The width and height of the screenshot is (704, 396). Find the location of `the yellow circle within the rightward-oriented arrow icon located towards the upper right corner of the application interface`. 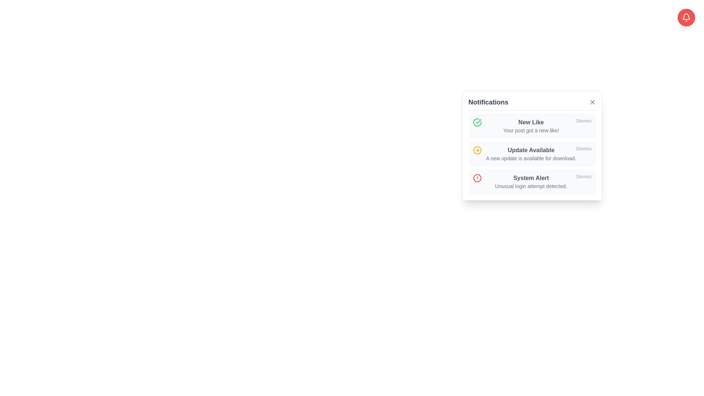

the yellow circle within the rightward-oriented arrow icon located towards the upper right corner of the application interface is located at coordinates (477, 150).